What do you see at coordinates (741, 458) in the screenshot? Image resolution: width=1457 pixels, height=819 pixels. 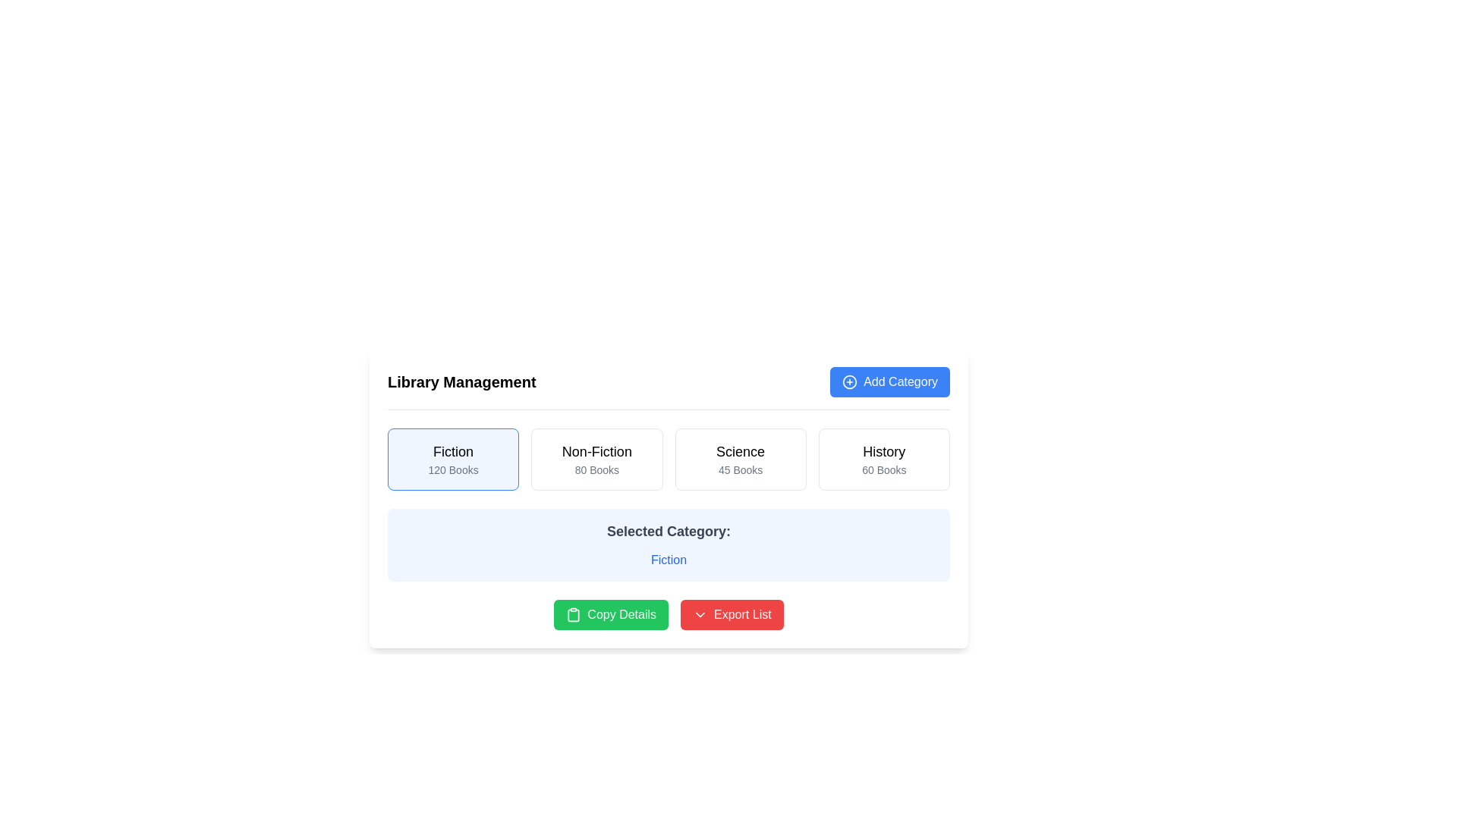 I see `the 'Science' button, which has a white background and bold text` at bounding box center [741, 458].